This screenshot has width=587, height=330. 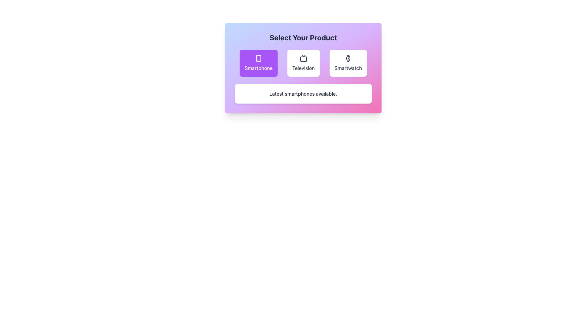 What do you see at coordinates (348, 58) in the screenshot?
I see `the circular graphical element located at the center of the smartwatch icon, which is the last icon under the 'Select Your Product' title` at bounding box center [348, 58].